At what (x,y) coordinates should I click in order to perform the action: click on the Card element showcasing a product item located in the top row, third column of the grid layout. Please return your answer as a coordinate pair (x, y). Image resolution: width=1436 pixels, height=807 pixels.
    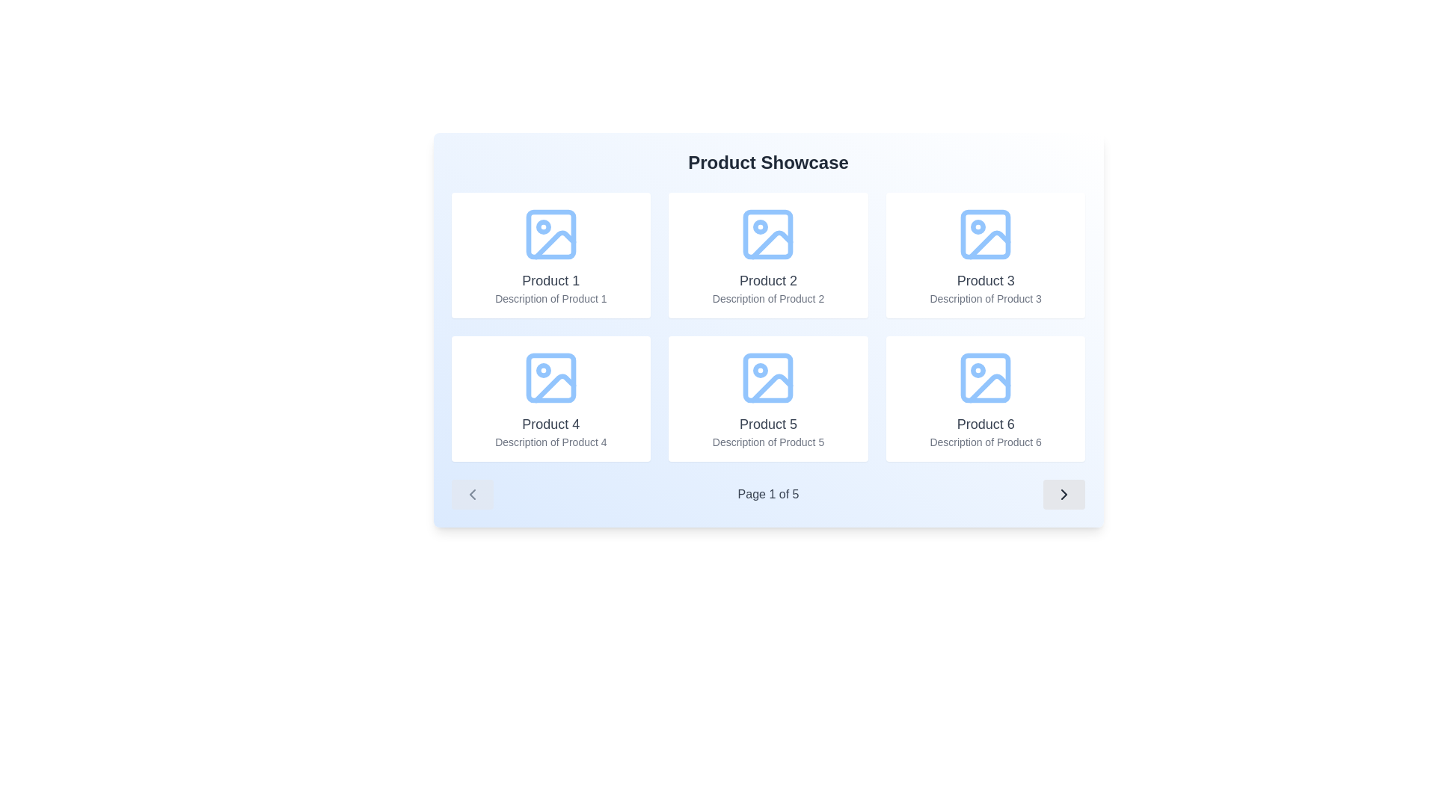
    Looking at the image, I should click on (986, 255).